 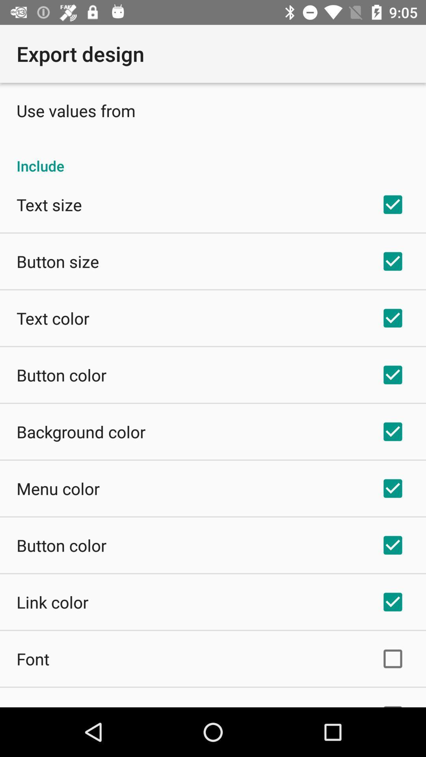 What do you see at coordinates (46, 706) in the screenshot?
I see `icon below font` at bounding box center [46, 706].